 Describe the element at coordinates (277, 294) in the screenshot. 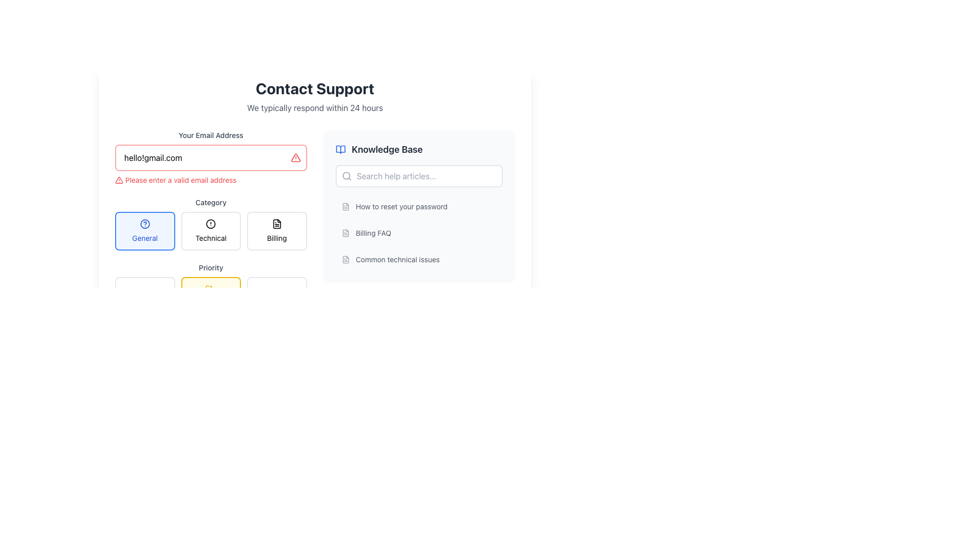

I see `the rectangular button labeled 'High' in the 'Priority' section` at that location.